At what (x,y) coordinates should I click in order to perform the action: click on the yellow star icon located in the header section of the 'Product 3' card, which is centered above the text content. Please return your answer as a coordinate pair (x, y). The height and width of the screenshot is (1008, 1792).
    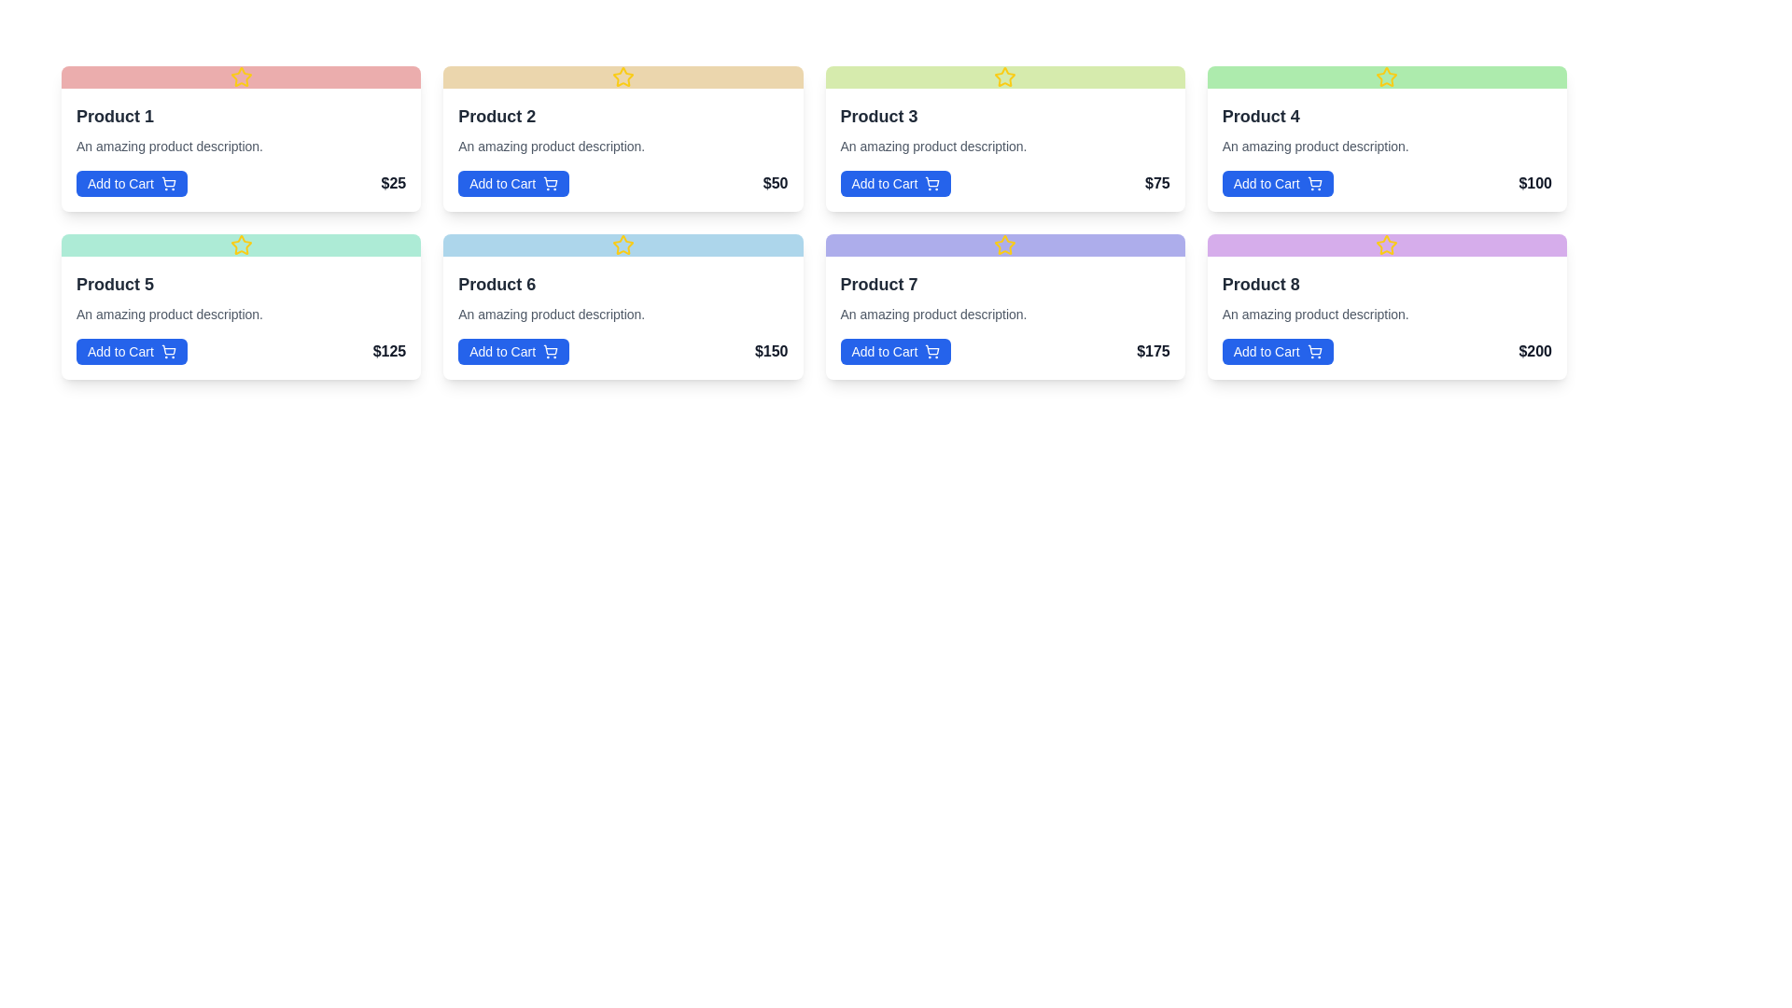
    Looking at the image, I should click on (1004, 77).